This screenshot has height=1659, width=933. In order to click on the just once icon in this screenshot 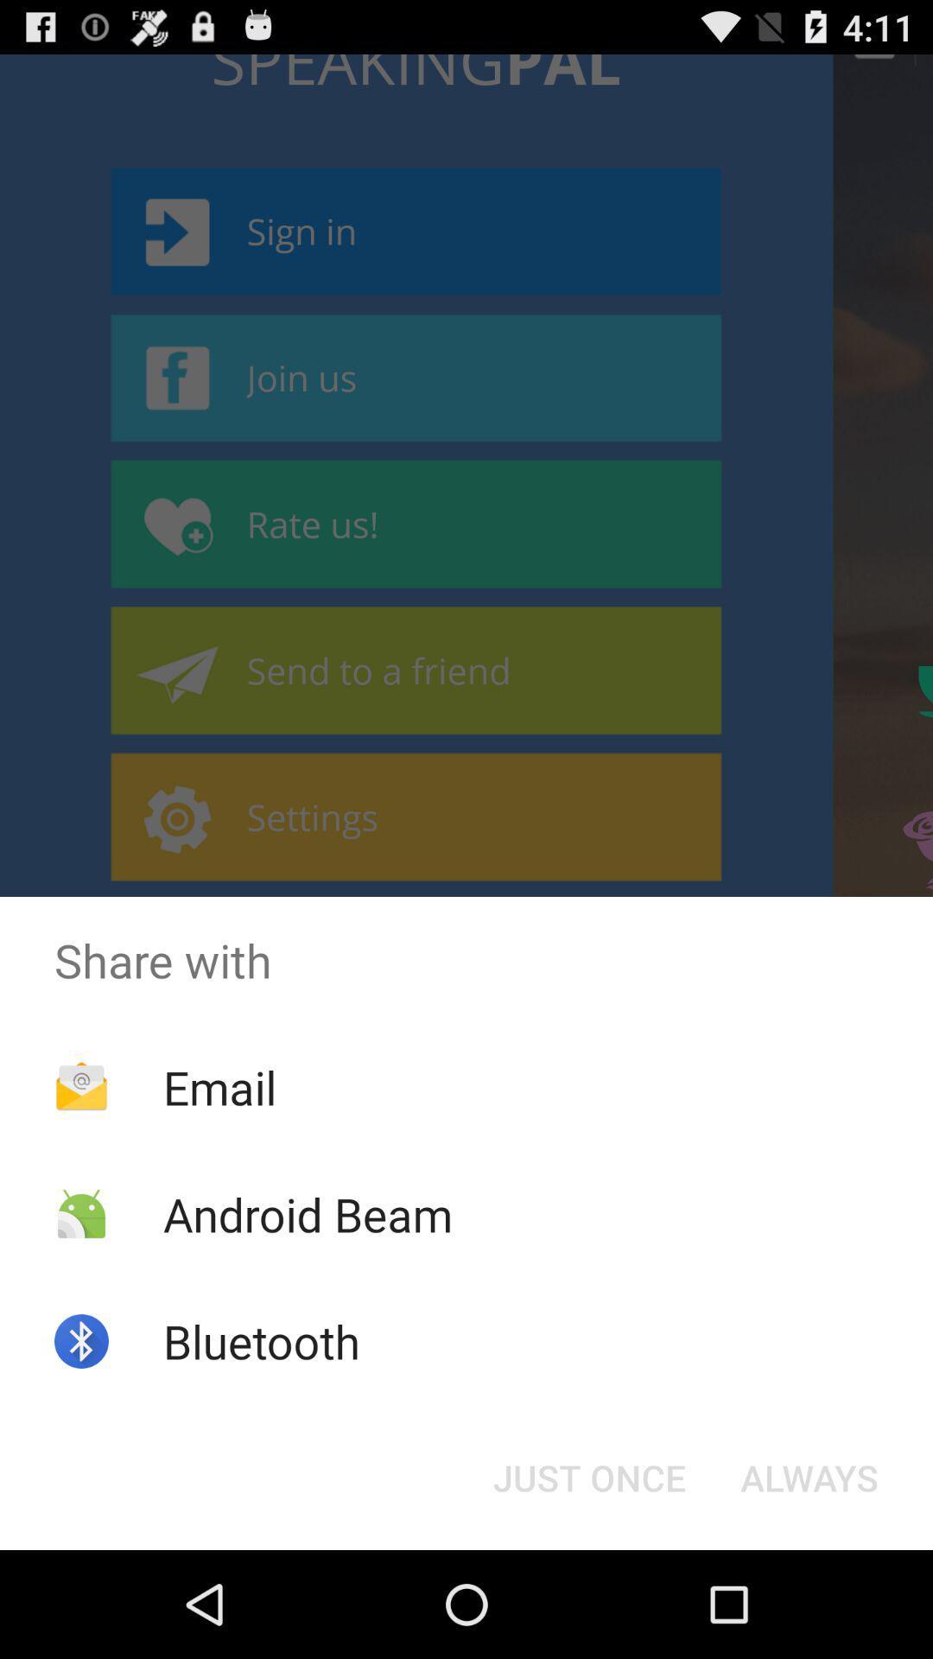, I will do `click(588, 1476)`.